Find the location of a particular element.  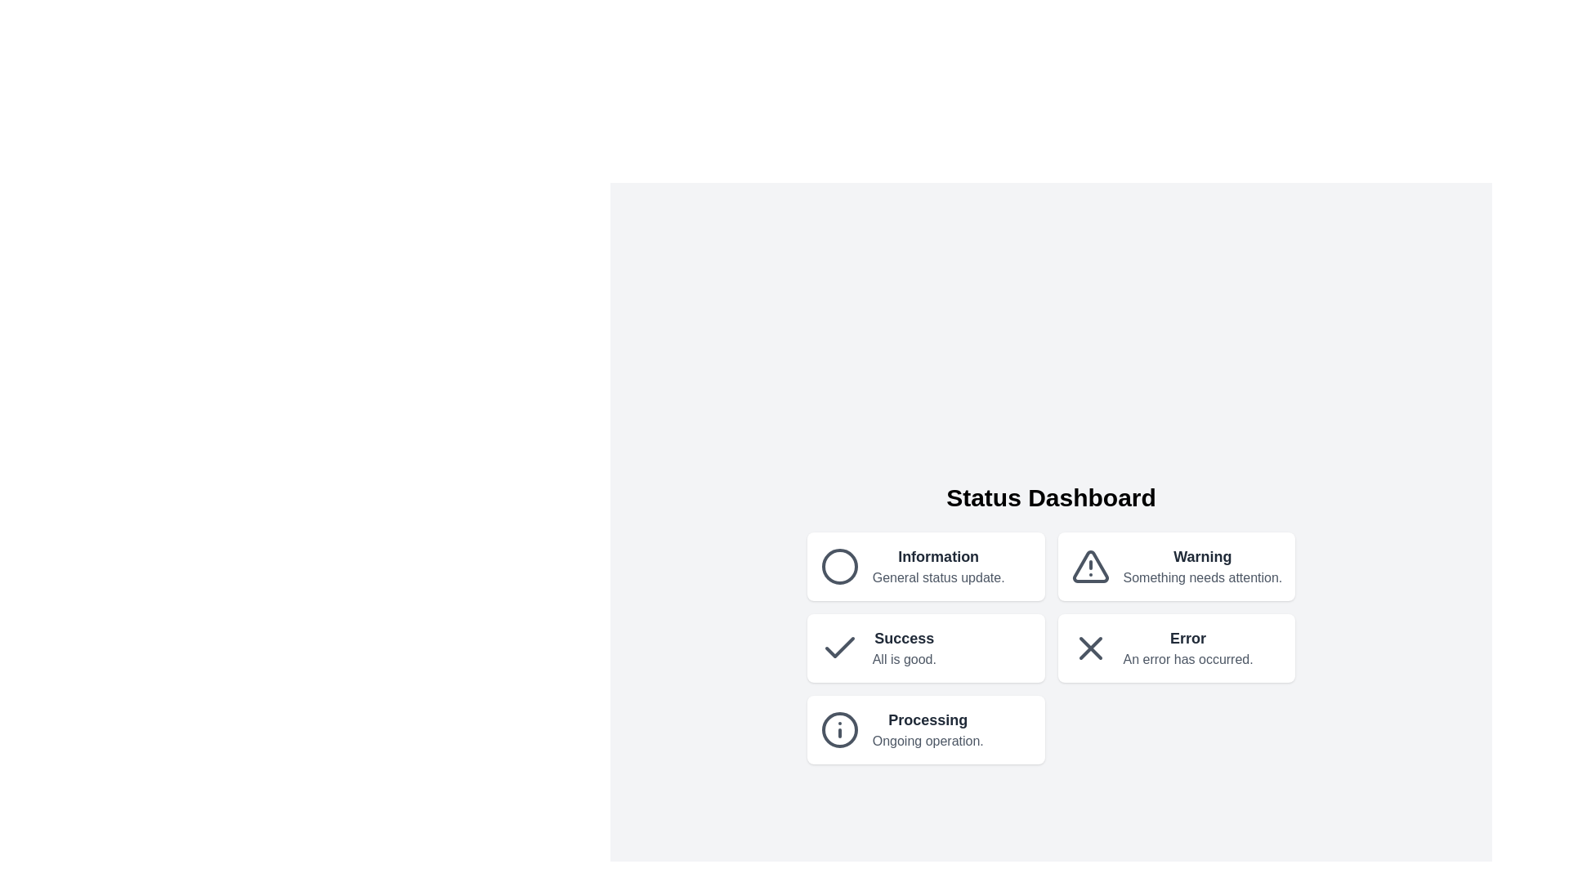

the warning state card that indicates a system issue, located in the upper-right section of the grid layout is located at coordinates (1177, 566).